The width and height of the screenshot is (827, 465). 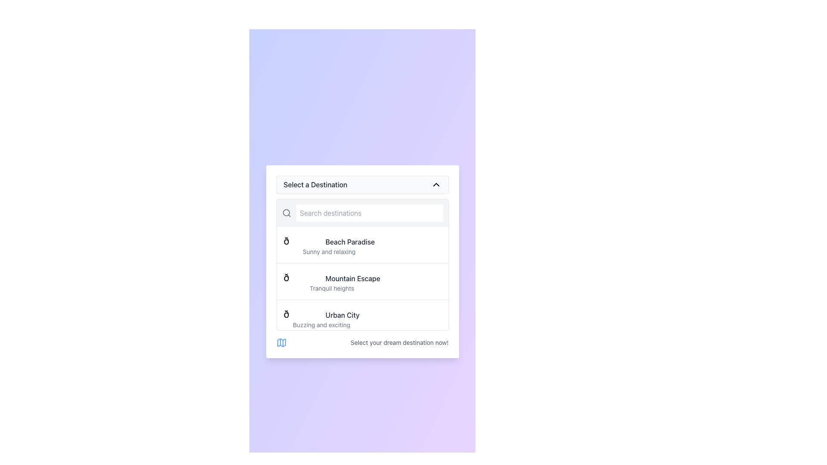 What do you see at coordinates (321, 325) in the screenshot?
I see `descriptive text label located underneath the 'Urban City' heading in the 'Select a Destination' panel` at bounding box center [321, 325].